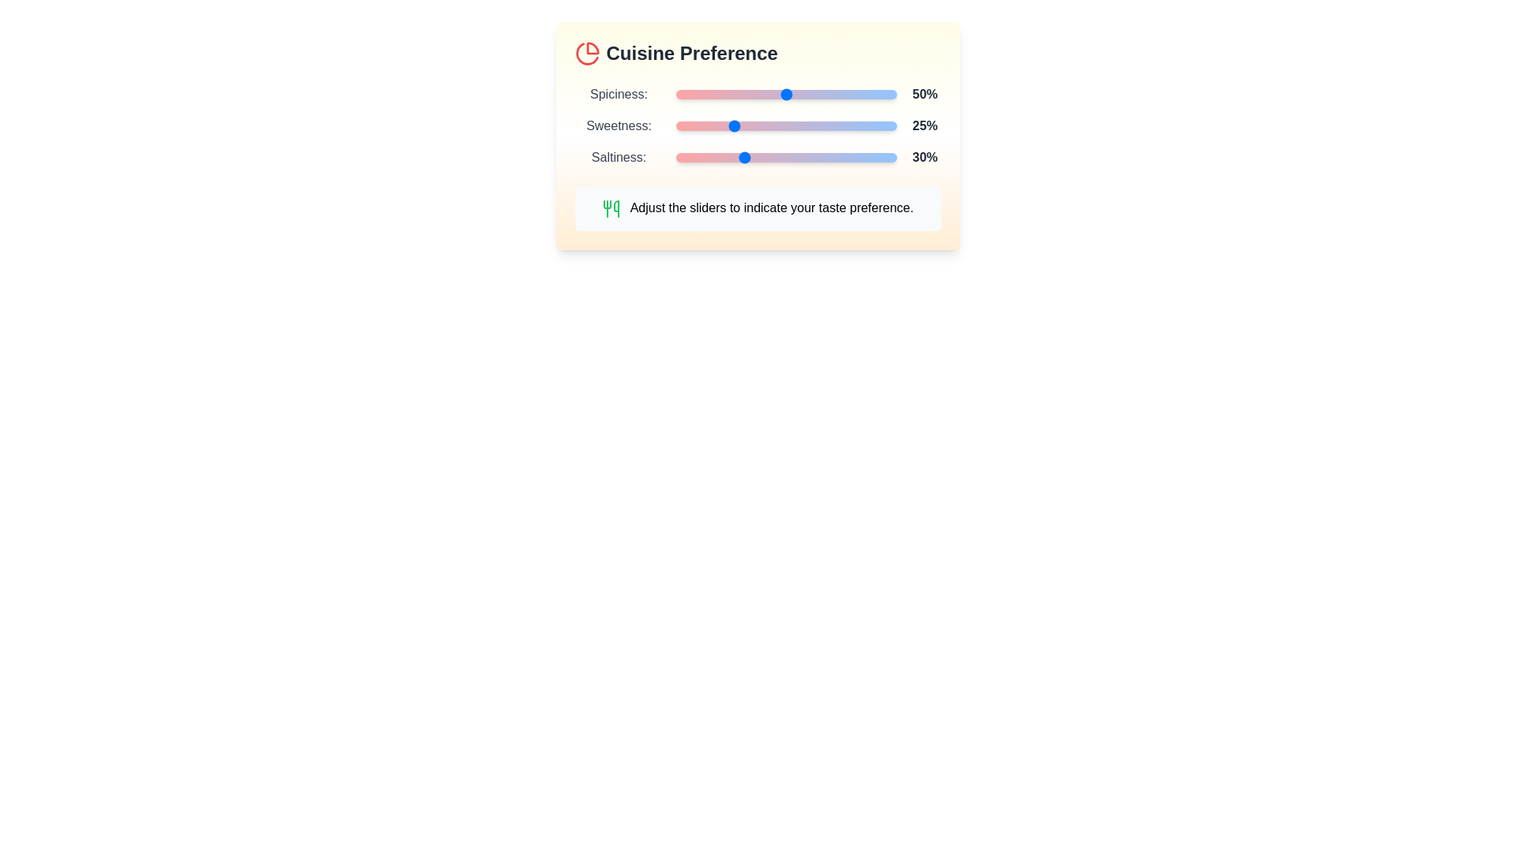  What do you see at coordinates (780, 94) in the screenshot?
I see `the spiciness slider to 47%` at bounding box center [780, 94].